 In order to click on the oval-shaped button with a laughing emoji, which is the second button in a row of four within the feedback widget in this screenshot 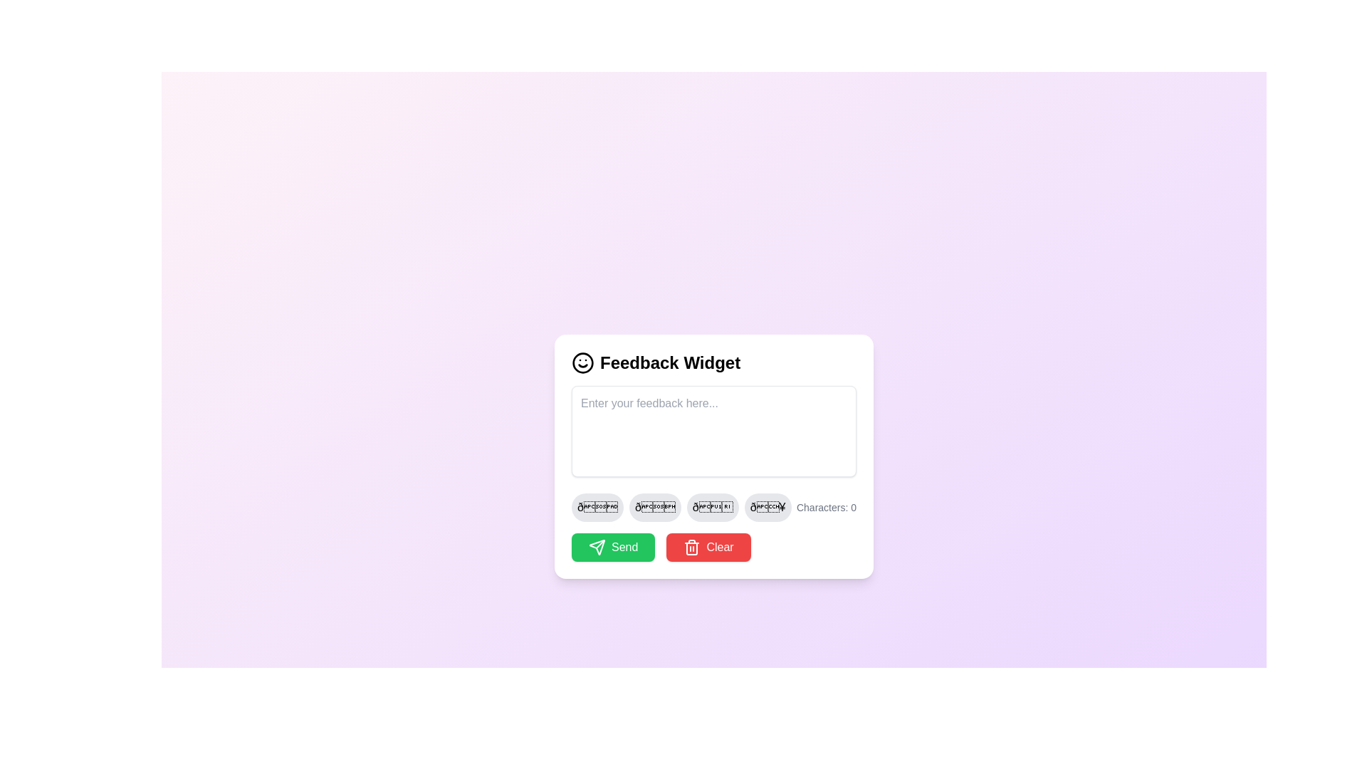, I will do `click(654, 506)`.